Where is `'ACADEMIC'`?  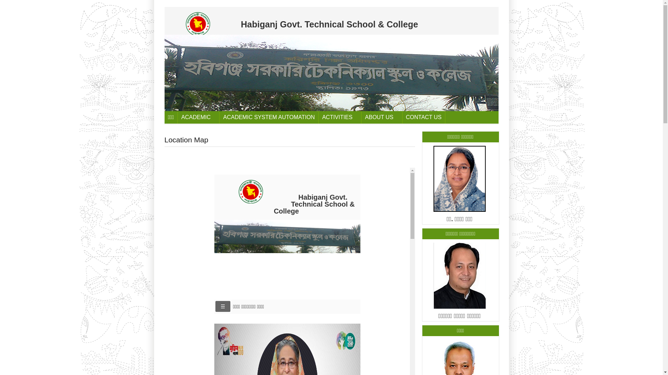 'ACADEMIC' is located at coordinates (198, 117).